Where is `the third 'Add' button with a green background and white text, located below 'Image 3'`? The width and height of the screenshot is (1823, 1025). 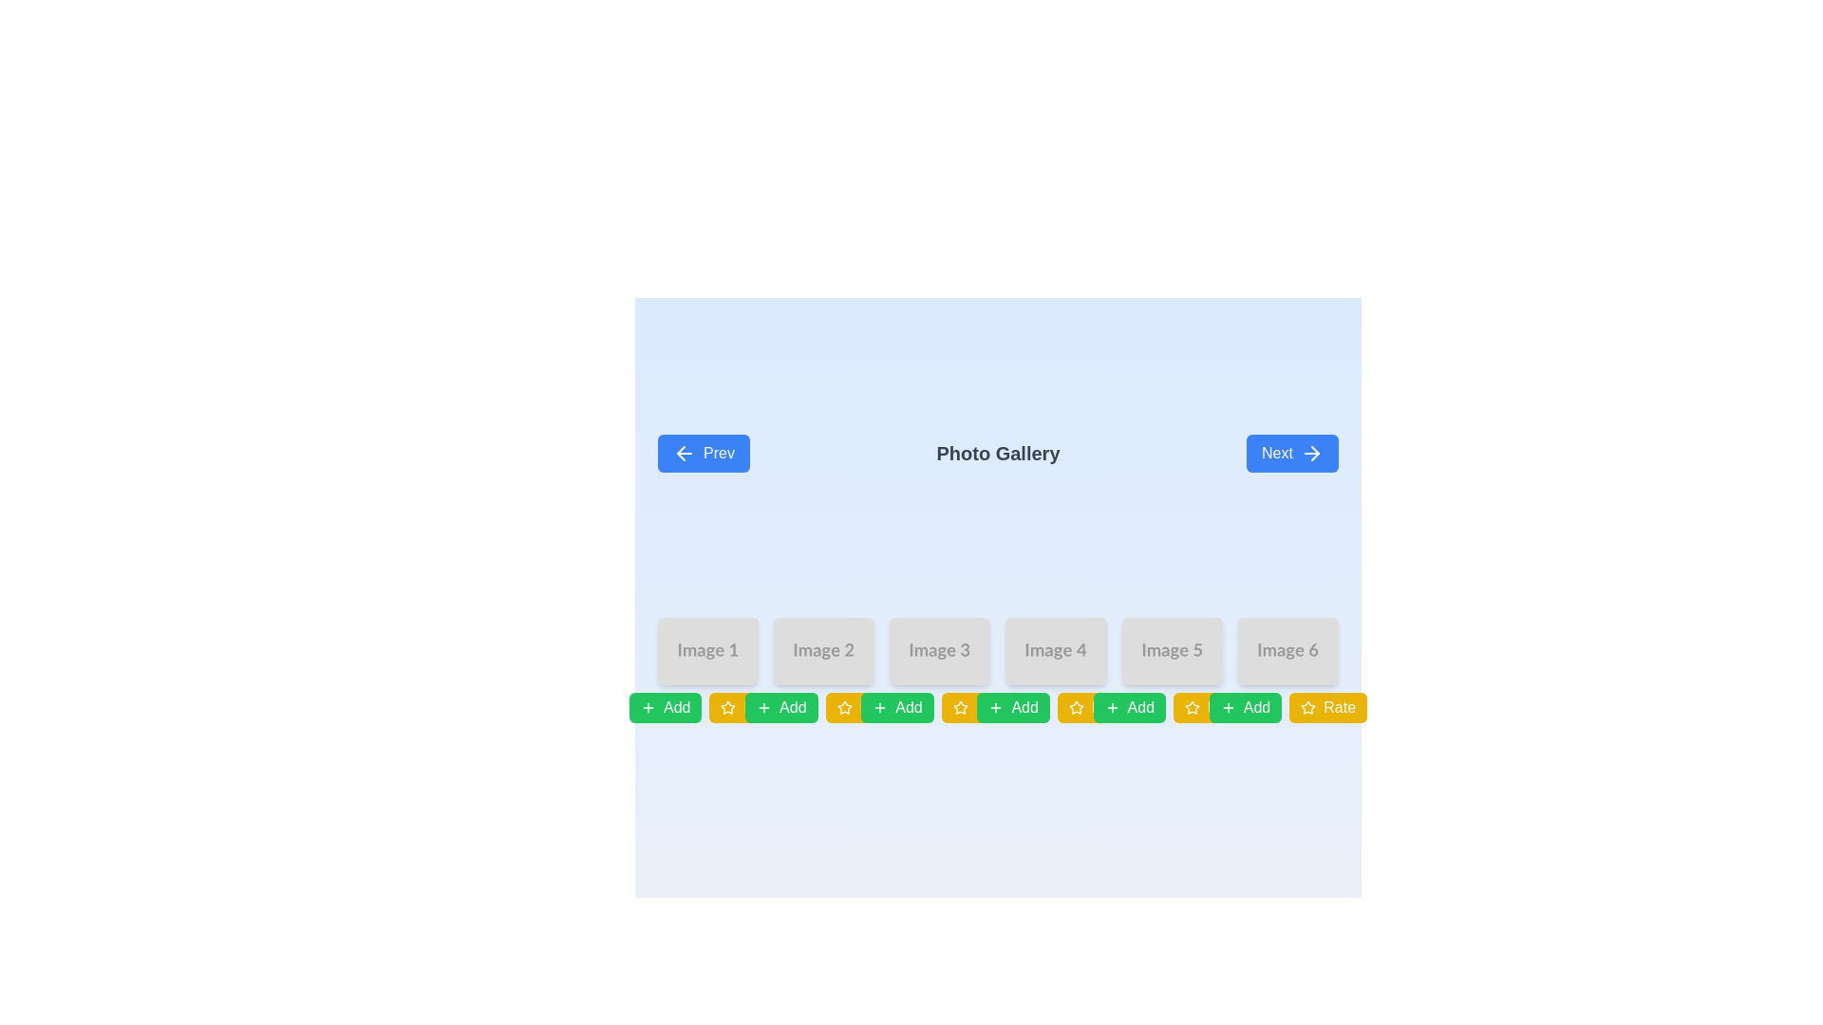 the third 'Add' button with a green background and white text, located below 'Image 3' is located at coordinates (896, 707).